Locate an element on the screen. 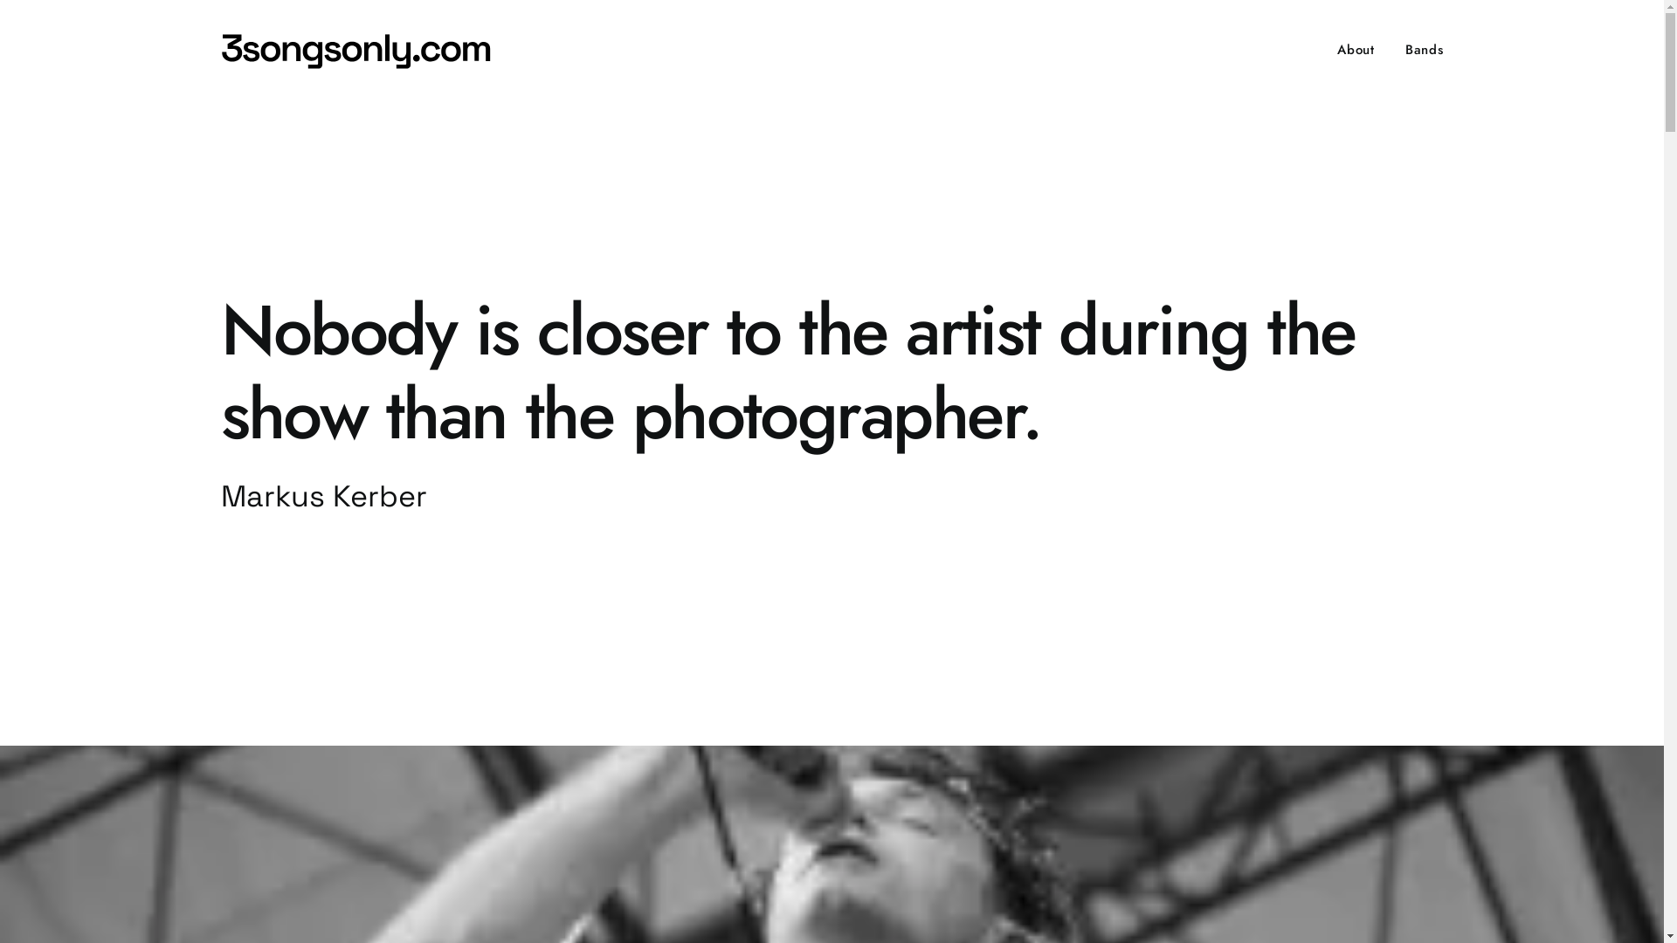  'Bands' is located at coordinates (1391, 49).